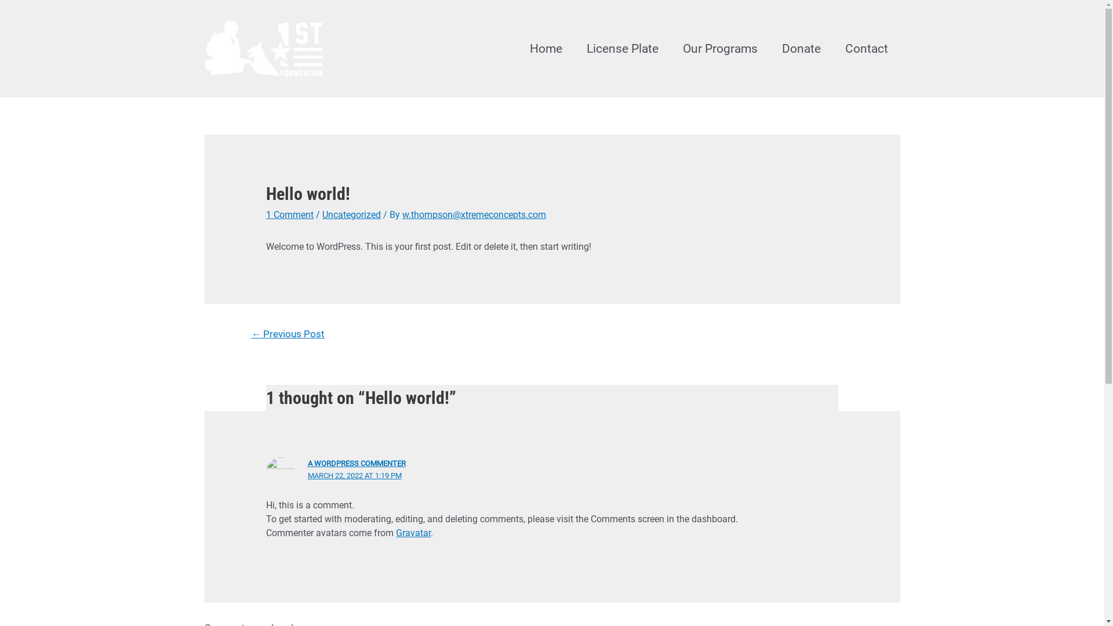 This screenshot has width=1113, height=626. What do you see at coordinates (621, 48) in the screenshot?
I see `'License Plate'` at bounding box center [621, 48].